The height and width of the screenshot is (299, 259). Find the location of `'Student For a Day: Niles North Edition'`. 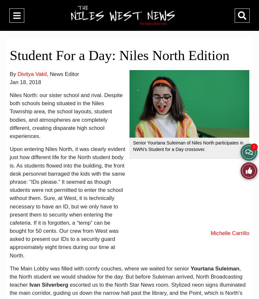

'Student For a Day: Niles North Edition' is located at coordinates (10, 55).